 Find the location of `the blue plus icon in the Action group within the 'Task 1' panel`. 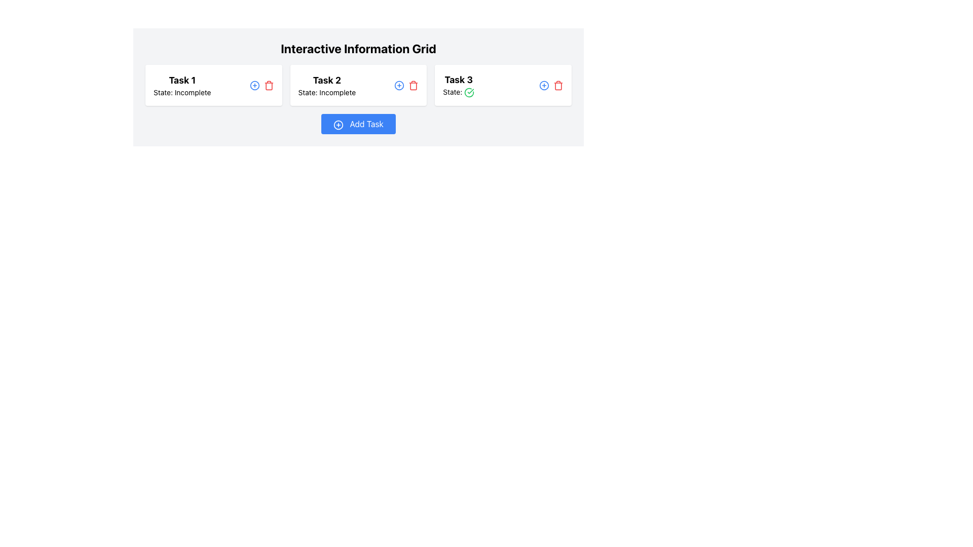

the blue plus icon in the Action group within the 'Task 1' panel is located at coordinates (261, 85).